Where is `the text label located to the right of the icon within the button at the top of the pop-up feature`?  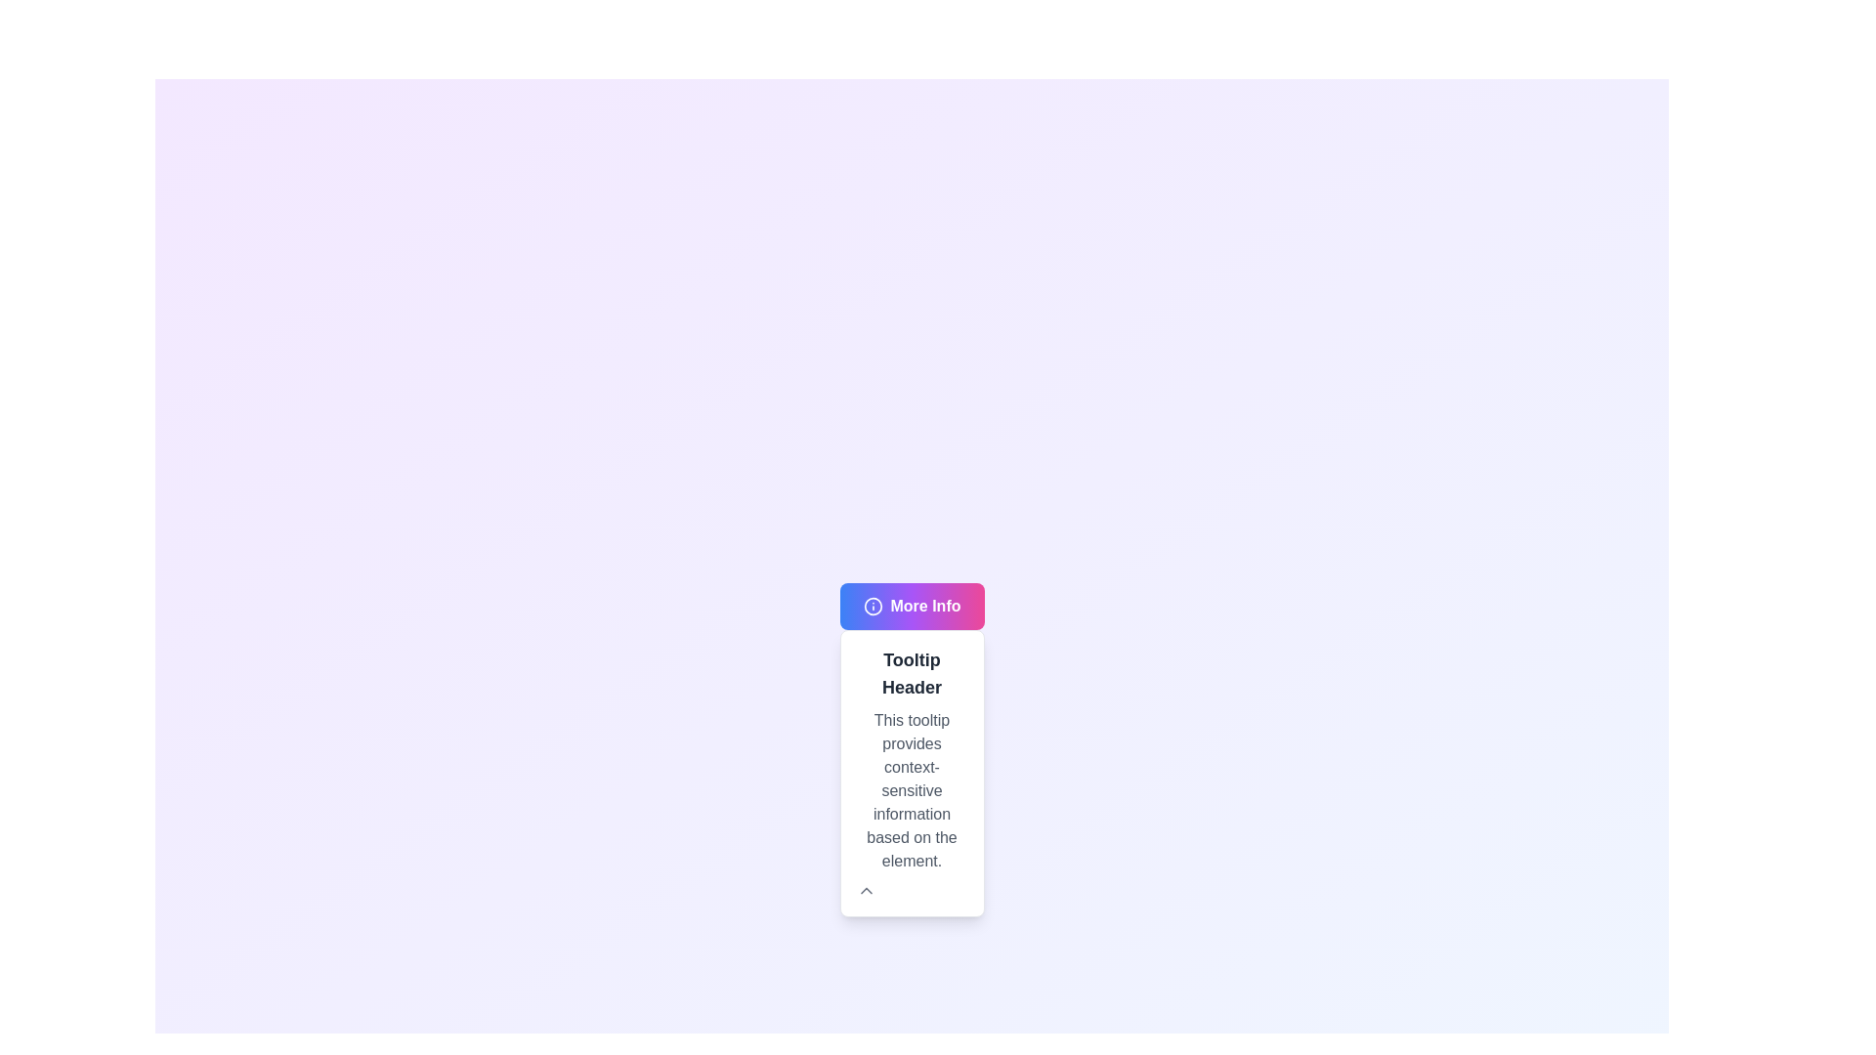 the text label located to the right of the icon within the button at the top of the pop-up feature is located at coordinates (924, 606).